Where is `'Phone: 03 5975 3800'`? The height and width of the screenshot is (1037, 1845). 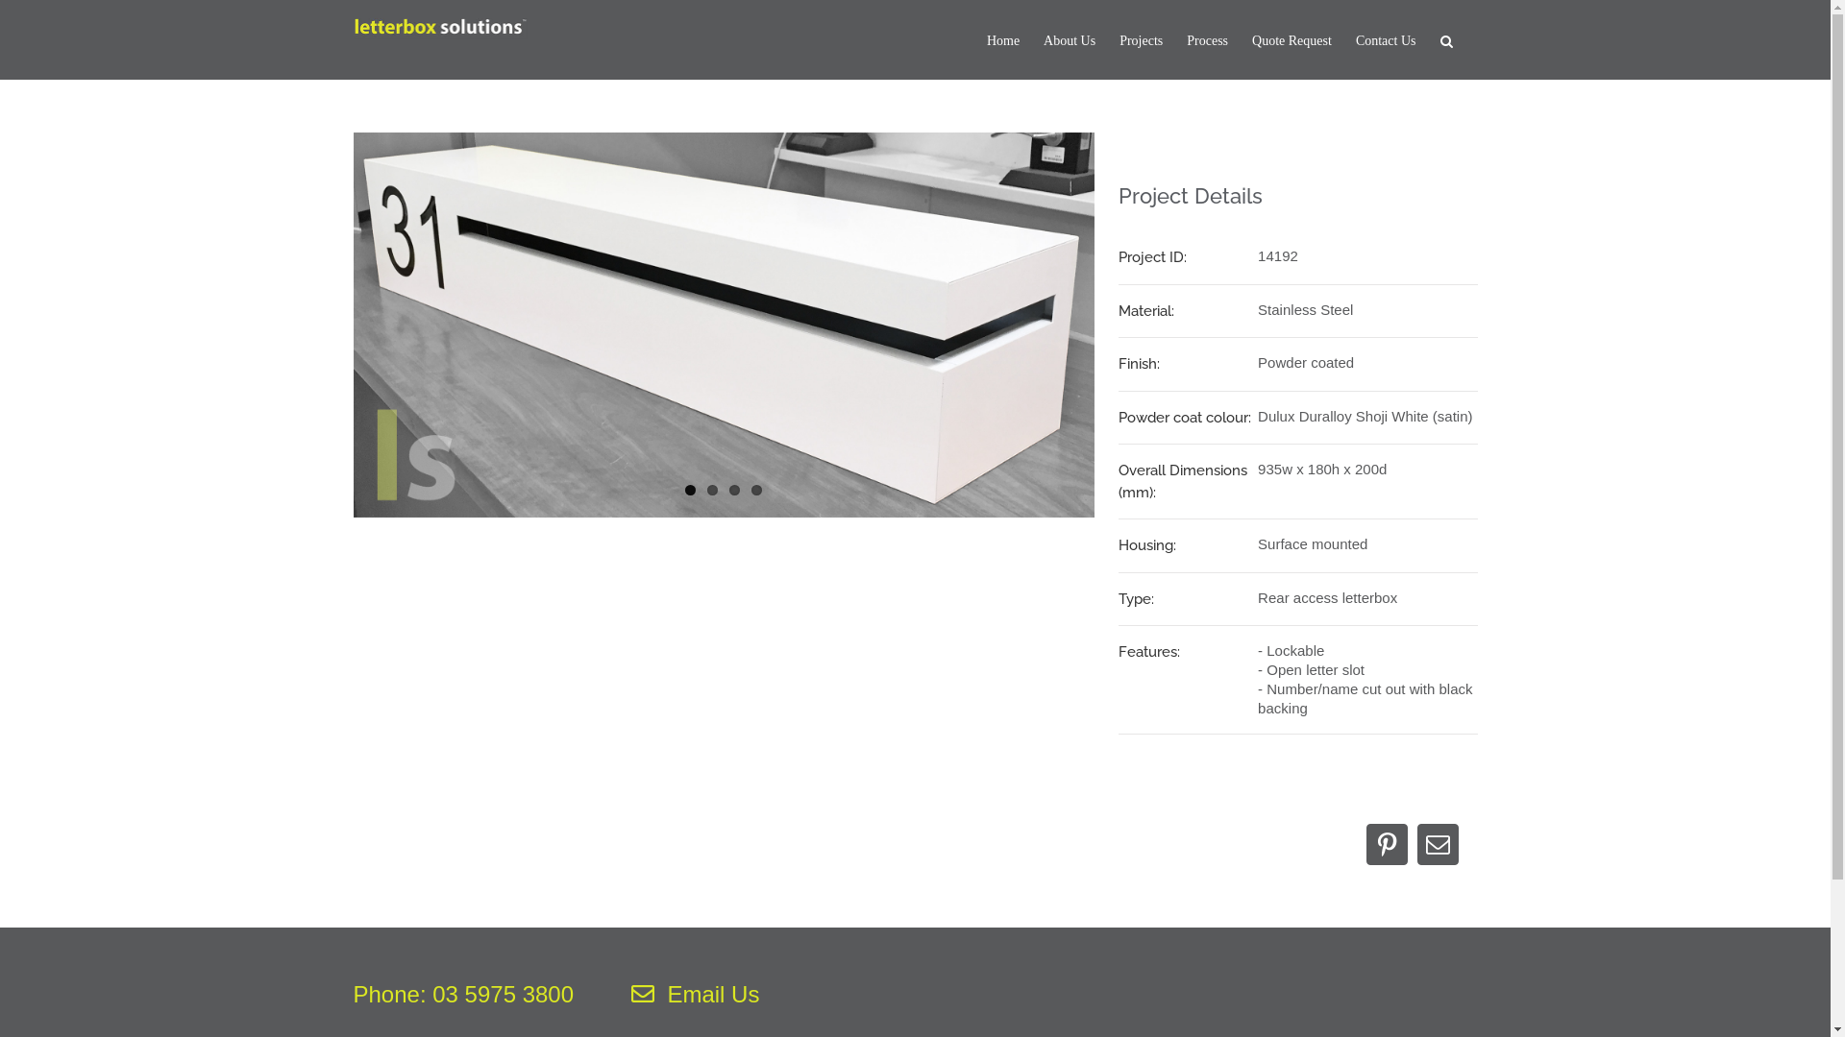
'Phone: 03 5975 3800' is located at coordinates (354, 994).